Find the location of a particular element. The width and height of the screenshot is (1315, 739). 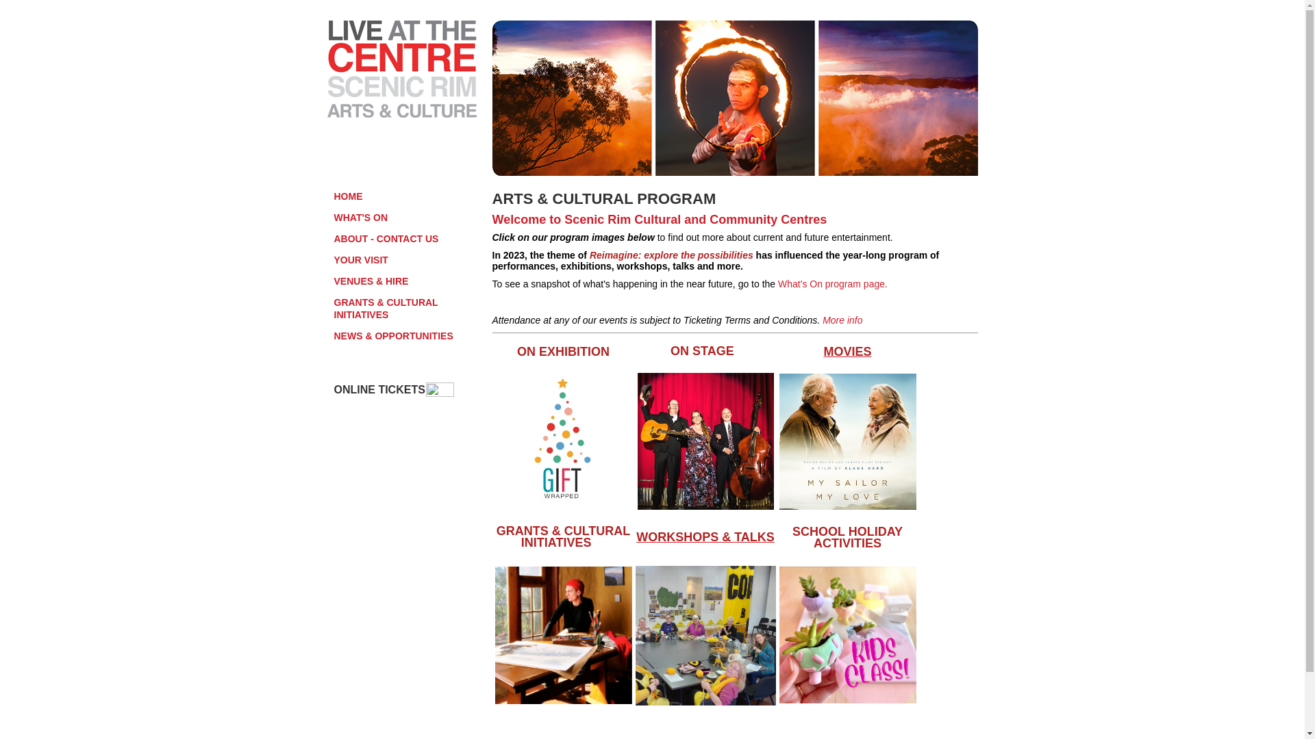

'YOUR VISIT' is located at coordinates (334, 260).